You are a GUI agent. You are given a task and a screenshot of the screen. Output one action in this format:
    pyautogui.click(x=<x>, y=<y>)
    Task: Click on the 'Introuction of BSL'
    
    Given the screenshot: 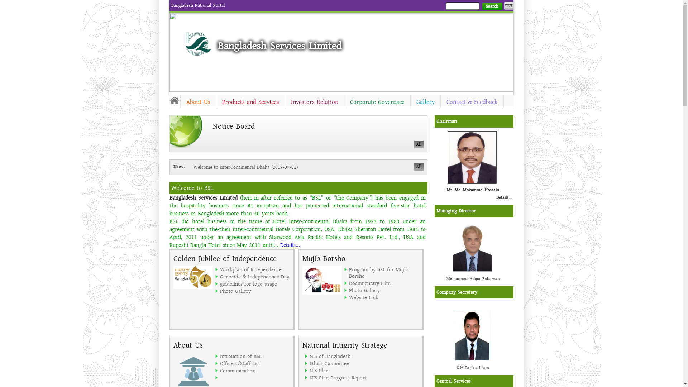 What is the action you would take?
    pyautogui.click(x=255, y=356)
    